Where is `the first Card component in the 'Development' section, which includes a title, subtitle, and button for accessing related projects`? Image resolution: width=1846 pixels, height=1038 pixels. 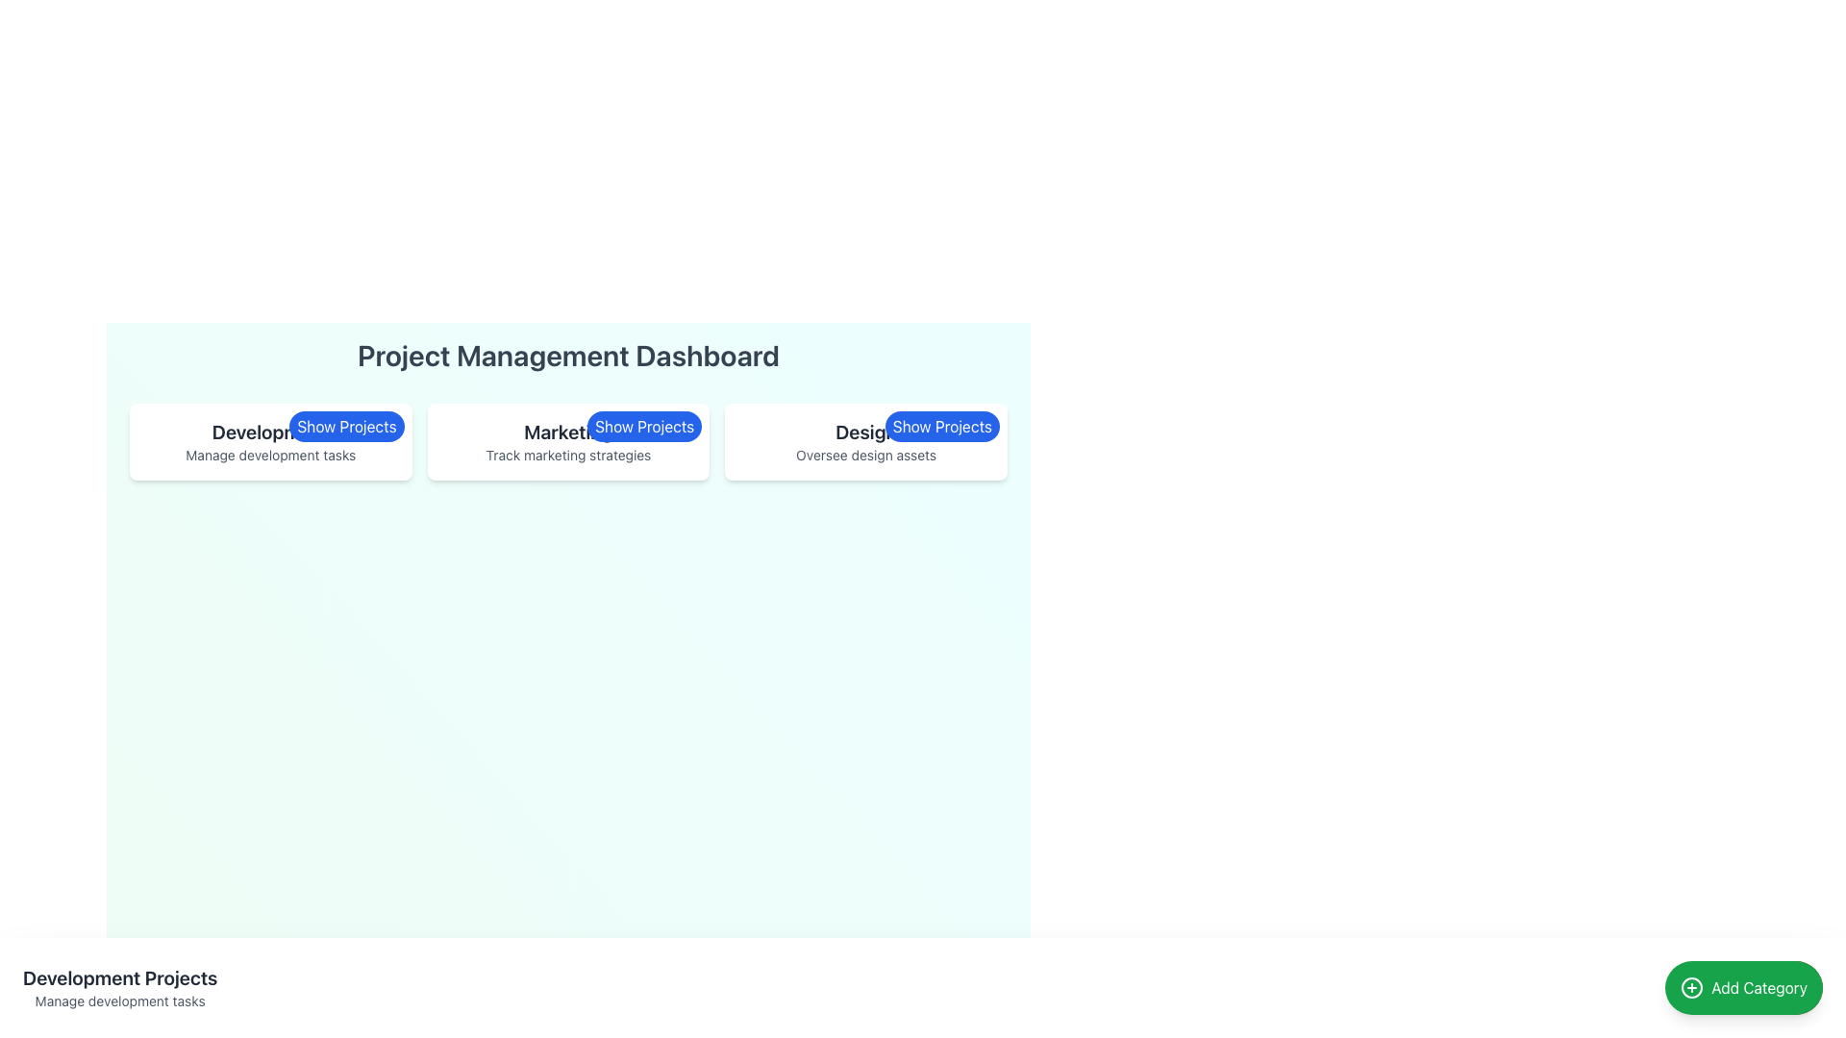
the first Card component in the 'Development' section, which includes a title, subtitle, and button for accessing related projects is located at coordinates (269, 441).